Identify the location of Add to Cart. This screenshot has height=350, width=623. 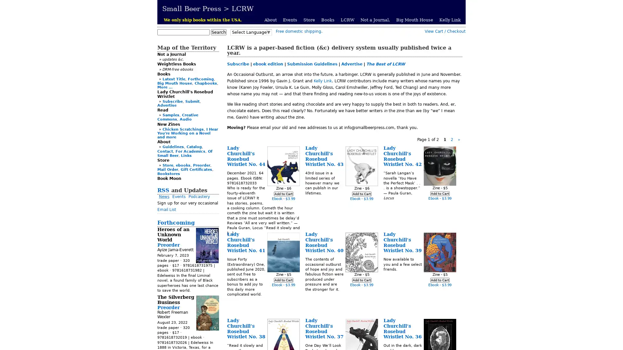
(283, 279).